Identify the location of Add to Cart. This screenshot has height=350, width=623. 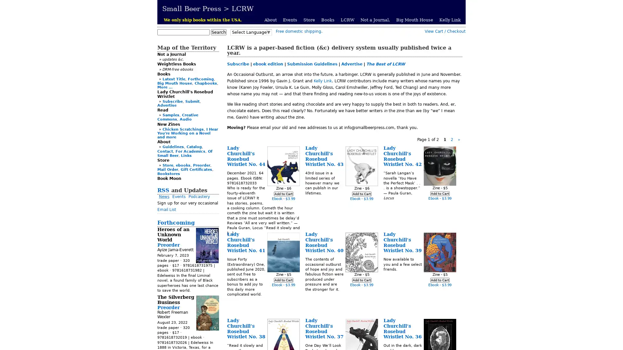
(283, 279).